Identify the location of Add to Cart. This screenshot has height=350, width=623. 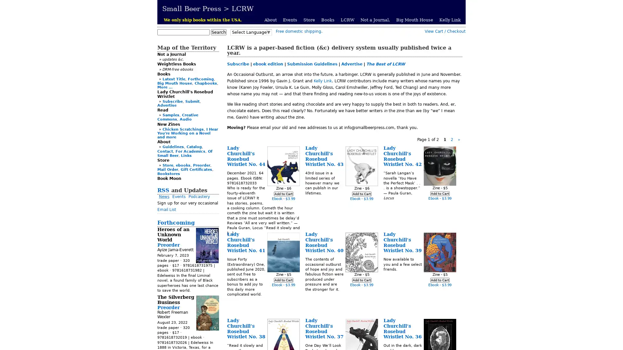
(283, 279).